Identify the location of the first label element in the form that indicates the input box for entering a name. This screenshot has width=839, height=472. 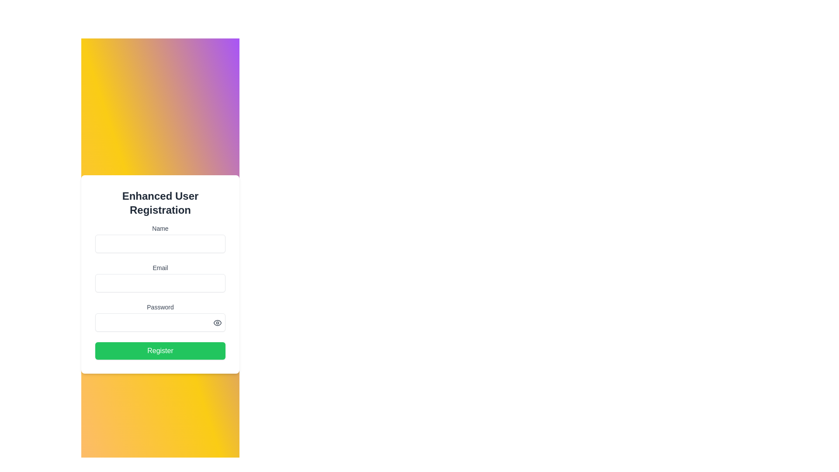
(160, 228).